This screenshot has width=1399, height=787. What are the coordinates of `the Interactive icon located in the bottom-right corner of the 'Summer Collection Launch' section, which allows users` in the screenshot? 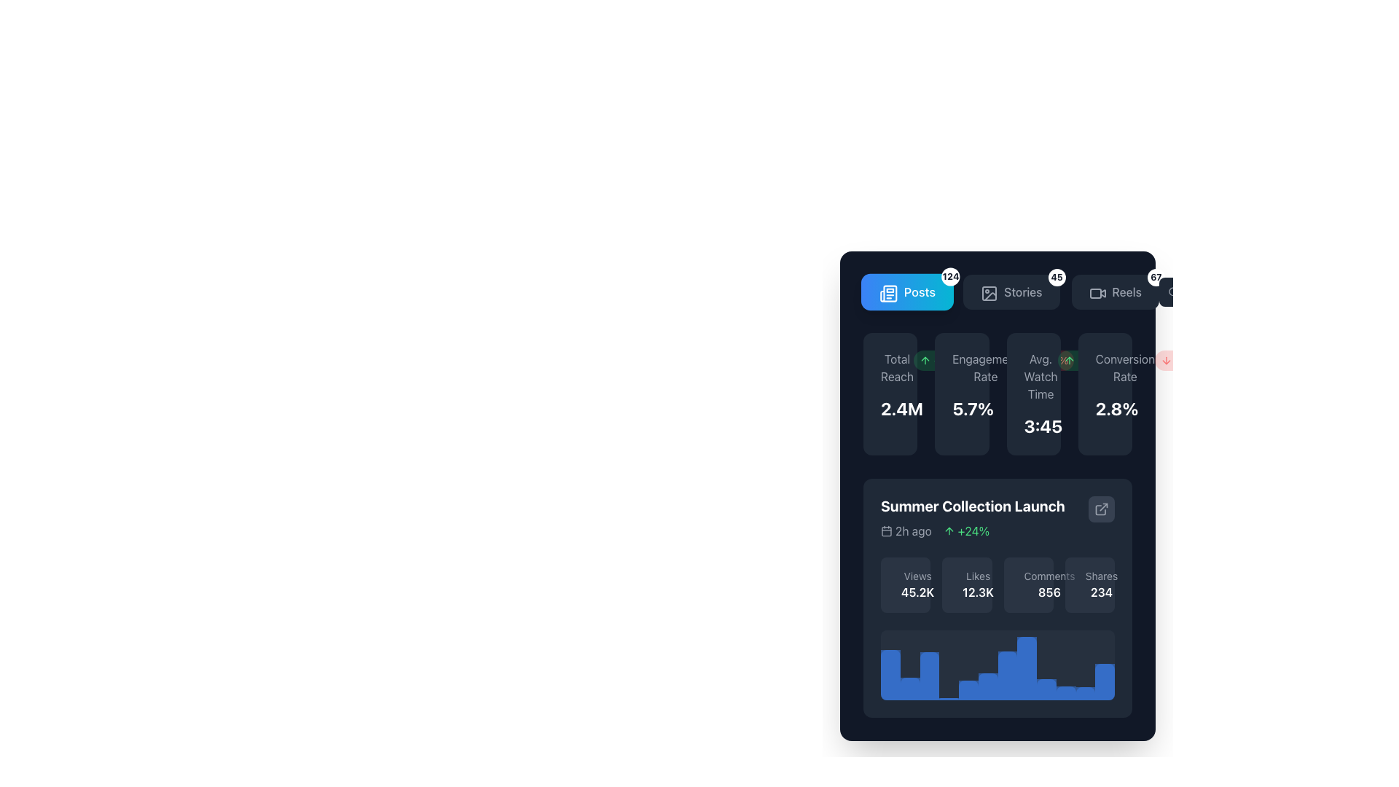 It's located at (1102, 508).